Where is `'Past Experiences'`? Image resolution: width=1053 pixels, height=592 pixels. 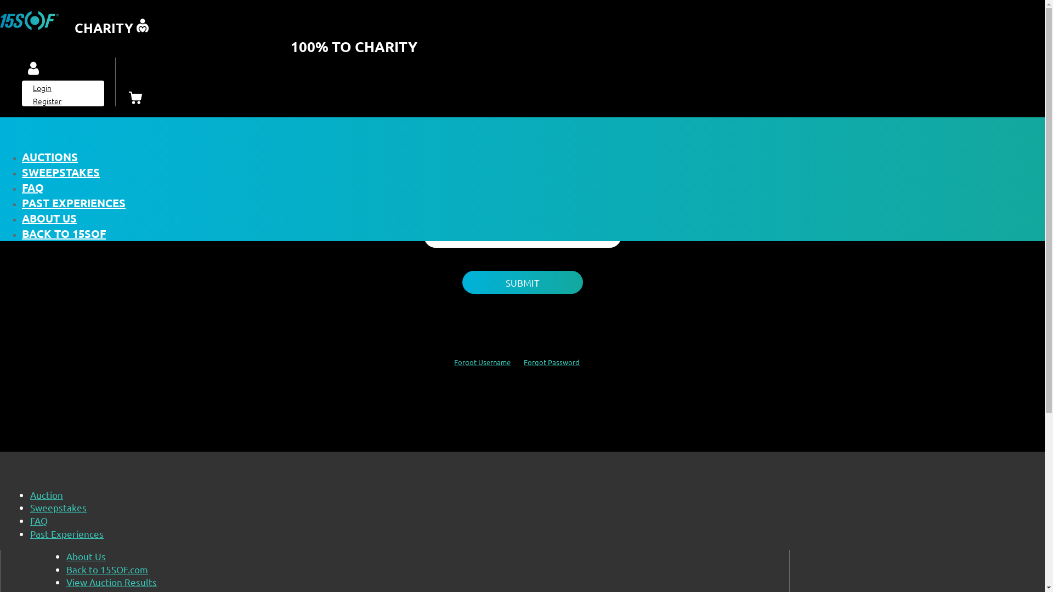 'Past Experiences' is located at coordinates (30, 533).